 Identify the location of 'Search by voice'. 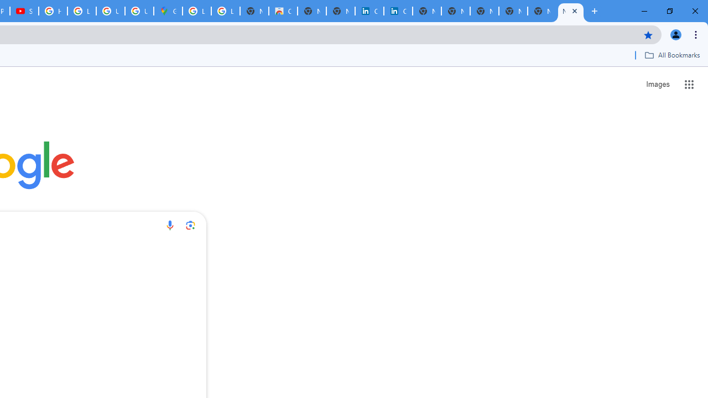
(169, 224).